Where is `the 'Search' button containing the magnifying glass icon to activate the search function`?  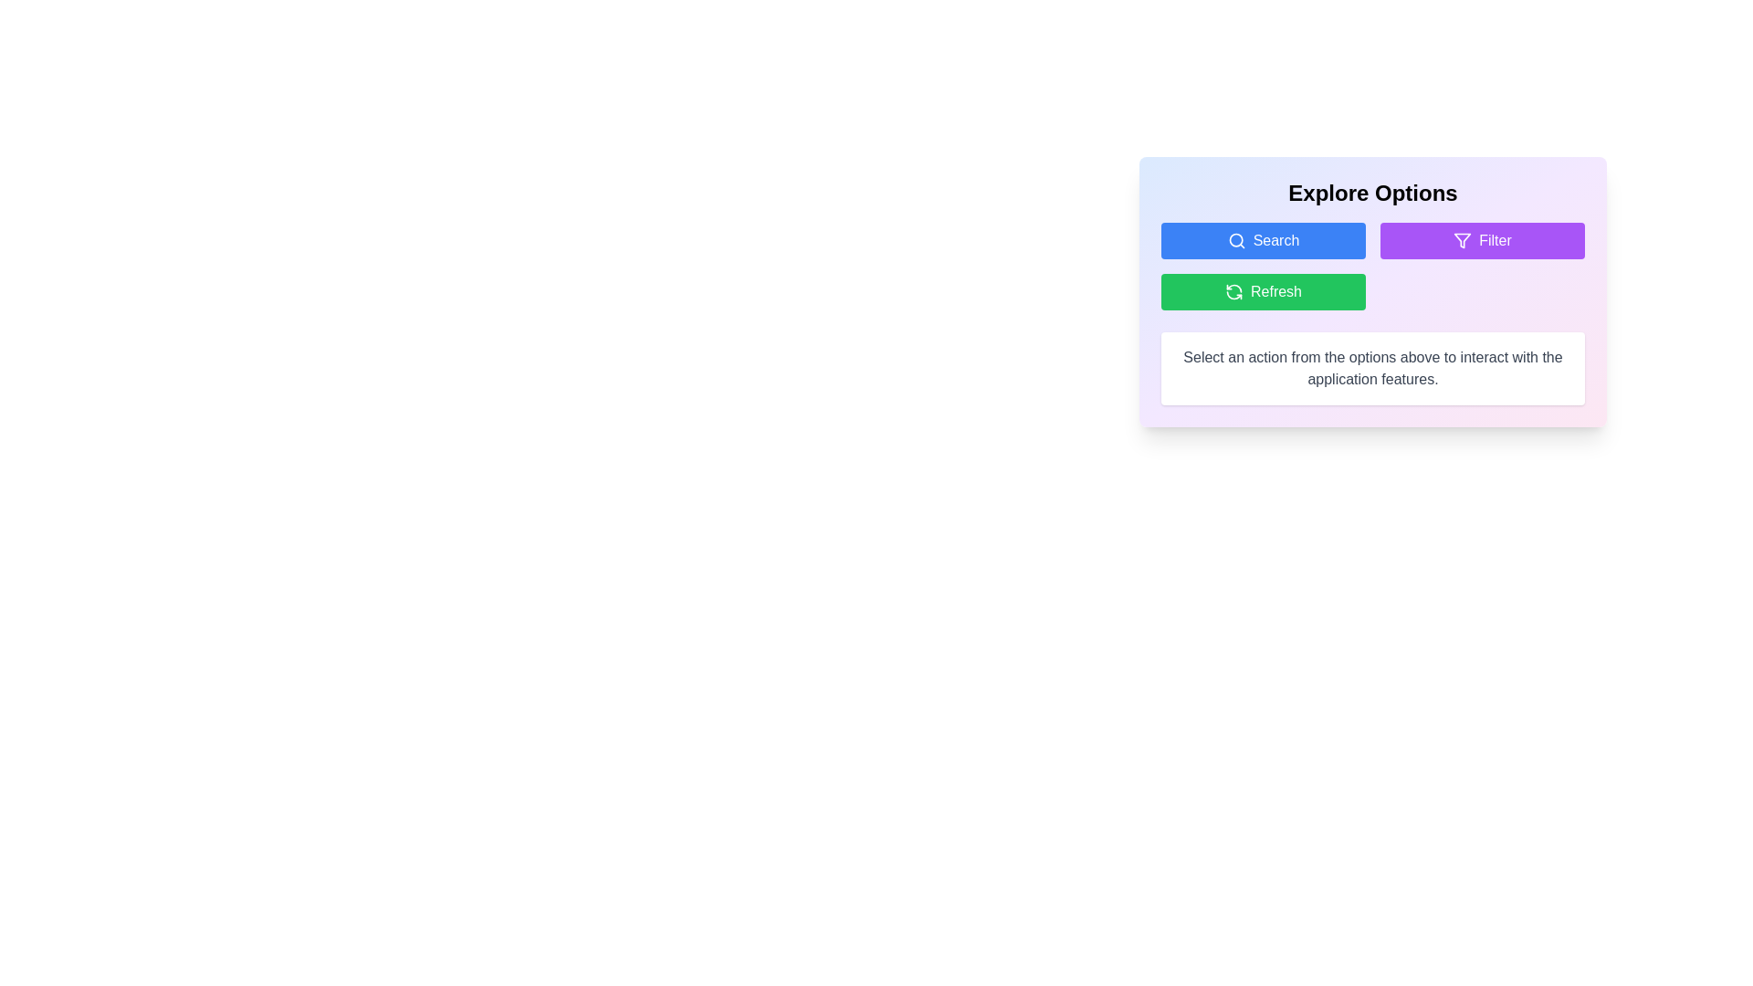
the 'Search' button containing the magnifying glass icon to activate the search function is located at coordinates (1235, 239).